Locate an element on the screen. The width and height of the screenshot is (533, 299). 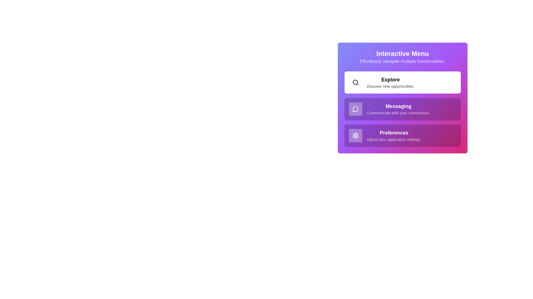
the menu item corresponding to Messaging to observe its hover effect is located at coordinates (403, 109).